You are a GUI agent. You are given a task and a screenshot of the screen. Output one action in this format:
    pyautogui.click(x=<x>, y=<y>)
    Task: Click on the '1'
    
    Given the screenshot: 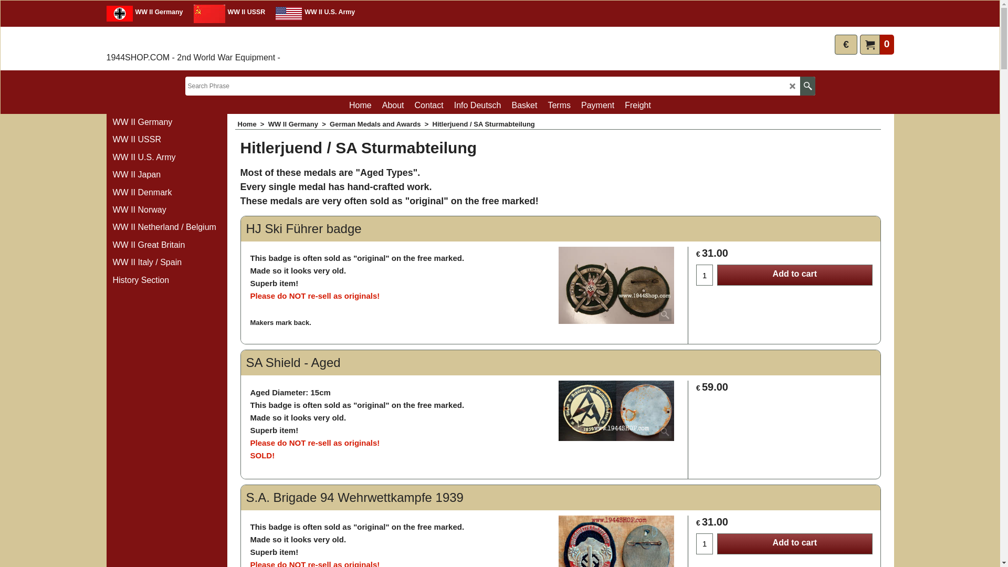 What is the action you would take?
    pyautogui.click(x=705, y=275)
    